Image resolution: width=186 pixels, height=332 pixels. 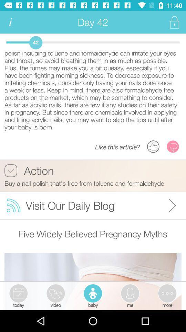 What do you see at coordinates (10, 22) in the screenshot?
I see `more information` at bounding box center [10, 22].